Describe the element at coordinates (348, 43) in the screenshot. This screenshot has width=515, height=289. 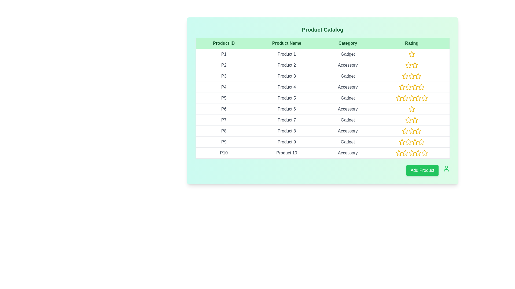
I see `the table header Category to sort the table by that column` at that location.